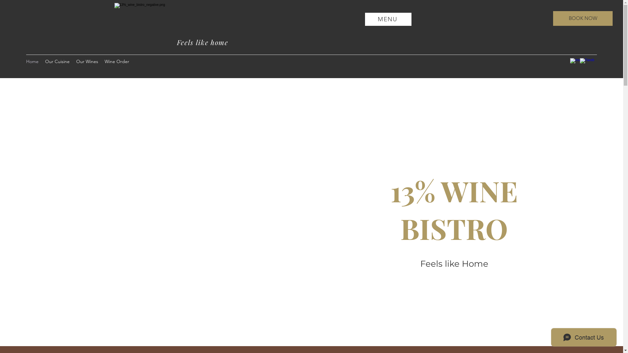 The height and width of the screenshot is (353, 628). I want to click on 'Our Cuisine', so click(57, 61).